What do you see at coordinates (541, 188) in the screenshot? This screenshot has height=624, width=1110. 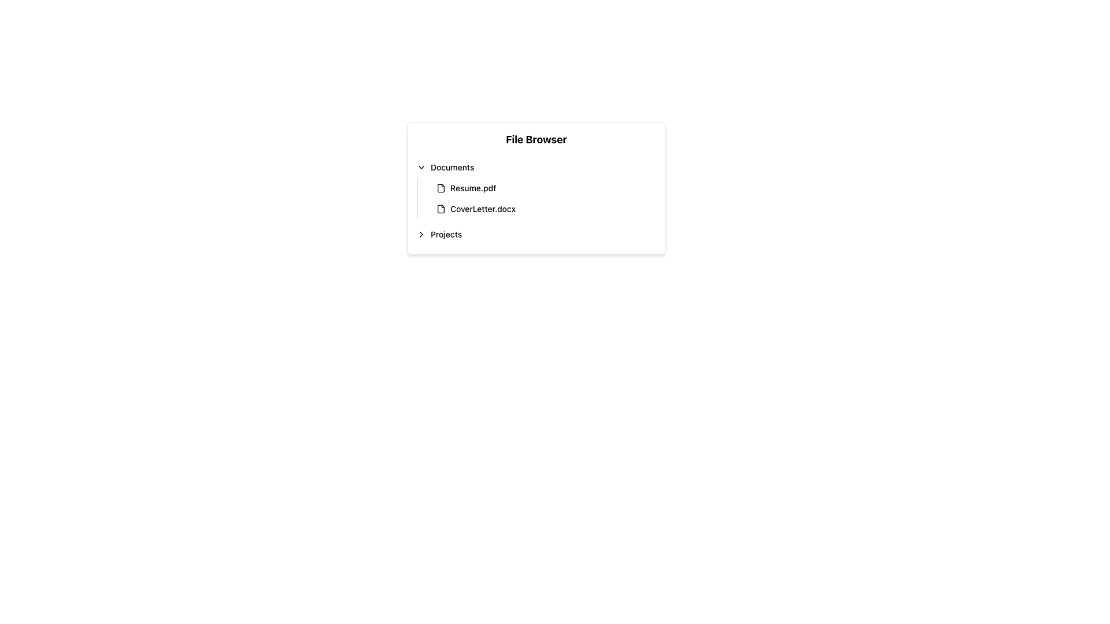 I see `the first list item labeled 'Resume.pdf'` at bounding box center [541, 188].